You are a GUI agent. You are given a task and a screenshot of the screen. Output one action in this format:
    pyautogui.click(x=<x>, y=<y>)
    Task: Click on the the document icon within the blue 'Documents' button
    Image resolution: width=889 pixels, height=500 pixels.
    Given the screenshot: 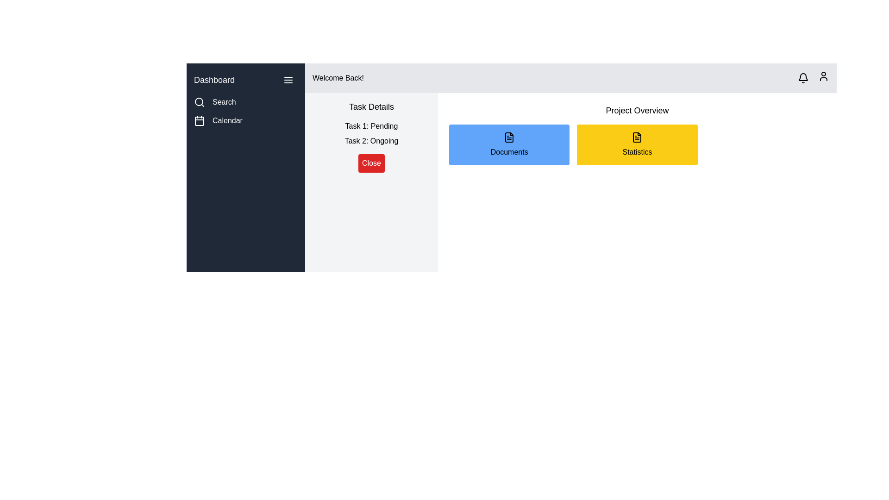 What is the action you would take?
    pyautogui.click(x=508, y=137)
    